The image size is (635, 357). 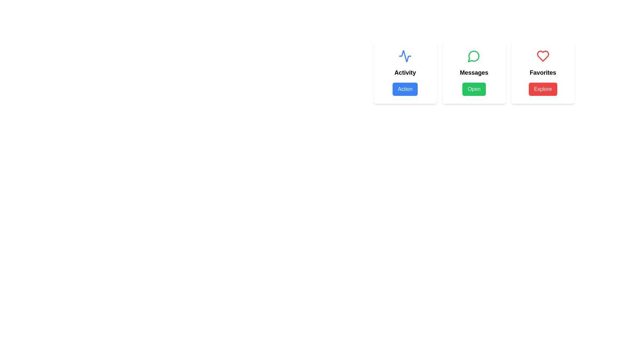 What do you see at coordinates (405, 56) in the screenshot?
I see `the wave icon representing the 'Activity' section, which is located at the top of the card labeled 'Action'` at bounding box center [405, 56].